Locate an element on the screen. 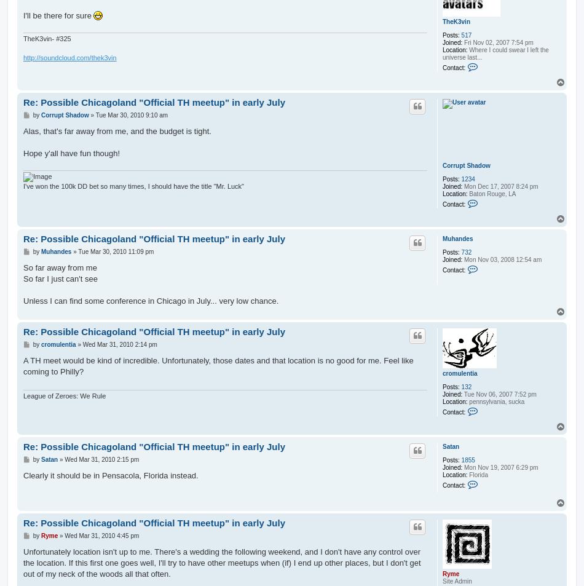 The height and width of the screenshot is (586, 584). 'Tue Nov 06, 2007 7:52 pm' is located at coordinates (498, 394).